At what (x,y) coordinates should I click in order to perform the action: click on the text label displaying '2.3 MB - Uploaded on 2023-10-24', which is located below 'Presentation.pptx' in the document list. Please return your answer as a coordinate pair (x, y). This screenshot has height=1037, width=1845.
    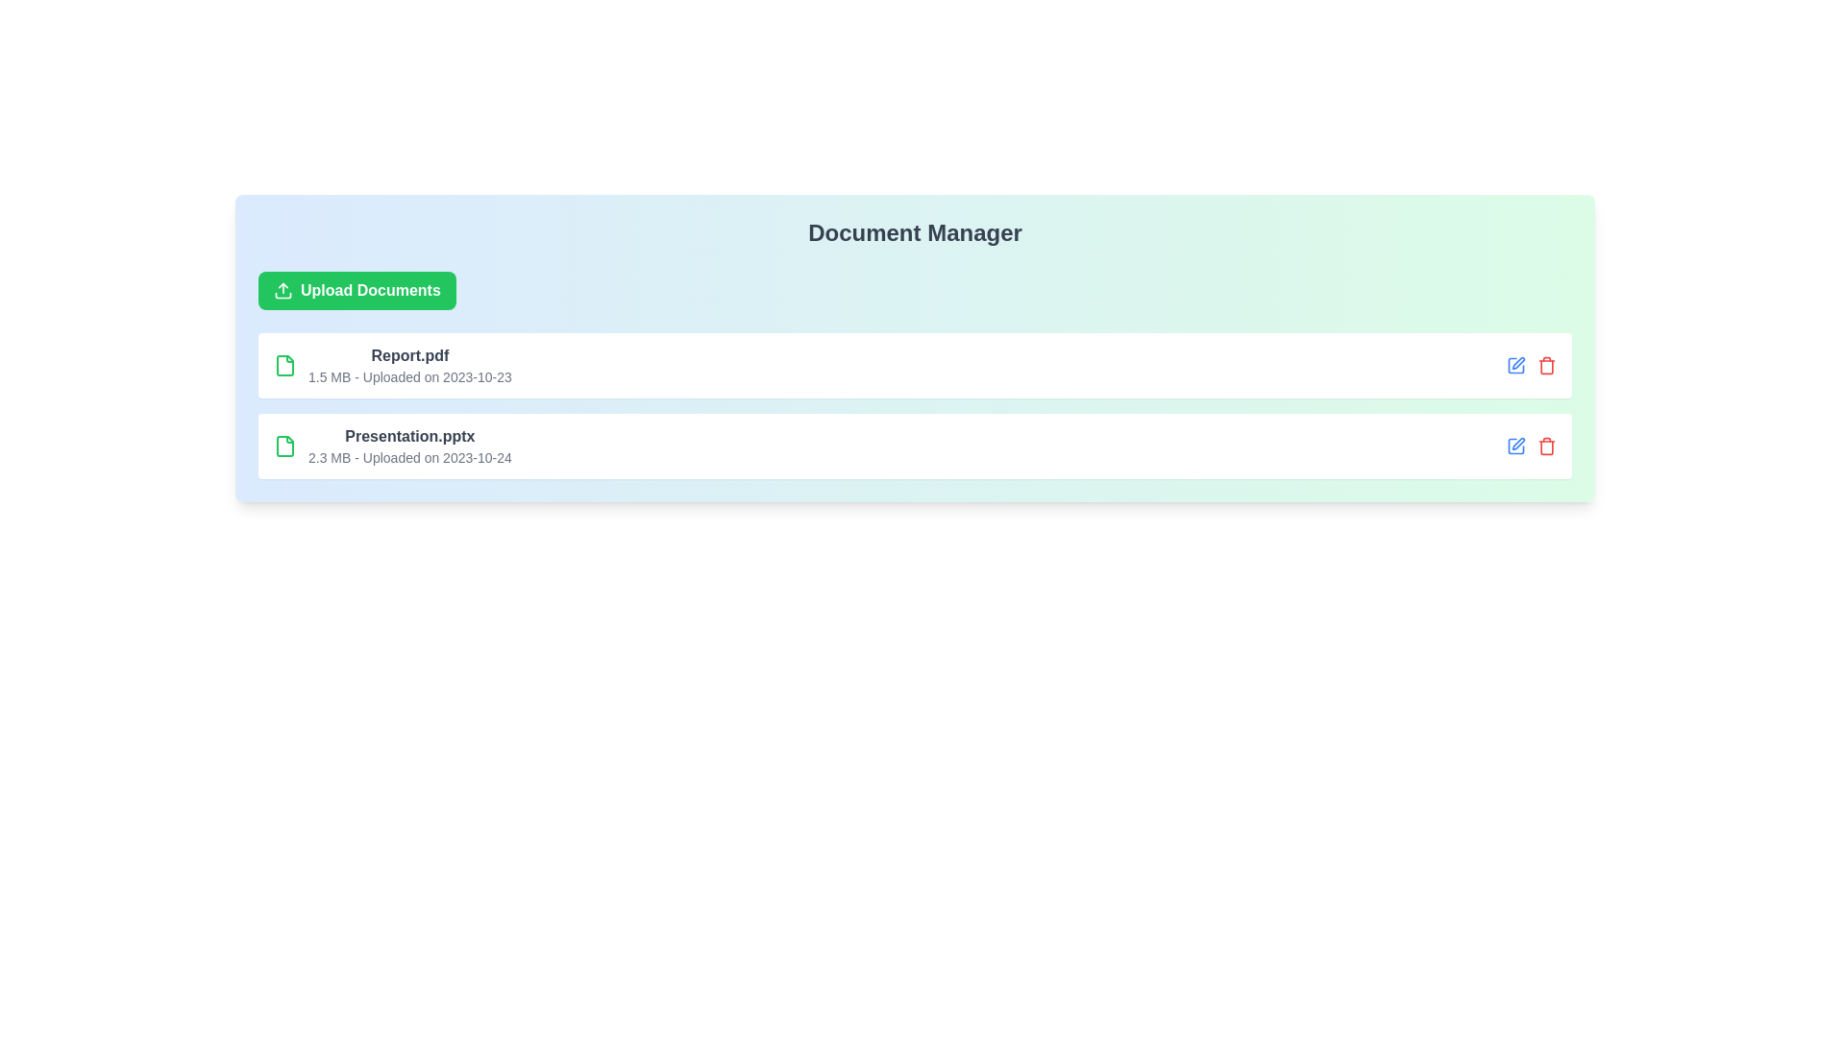
    Looking at the image, I should click on (408, 458).